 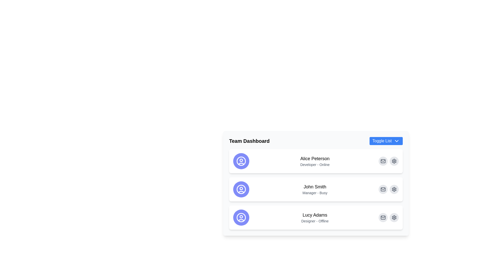 I want to click on the second circular user icon in the team dashboard, which represents 'John Smith', so click(x=241, y=189).